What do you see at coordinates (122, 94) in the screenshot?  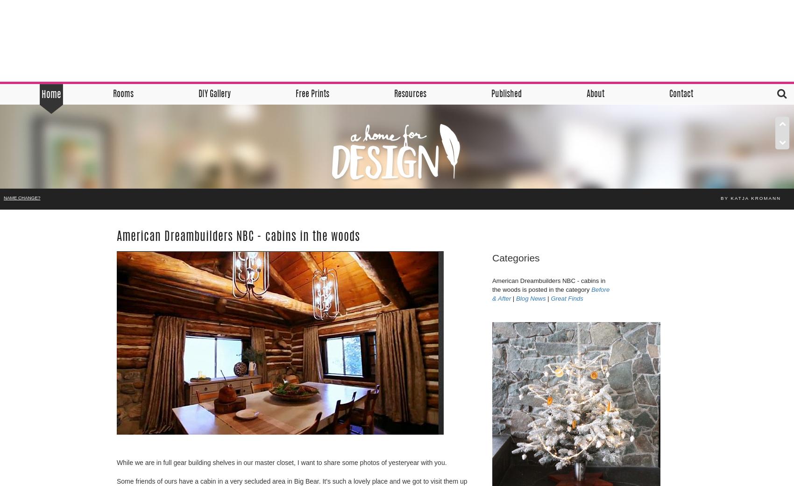 I see `'Rooms'` at bounding box center [122, 94].